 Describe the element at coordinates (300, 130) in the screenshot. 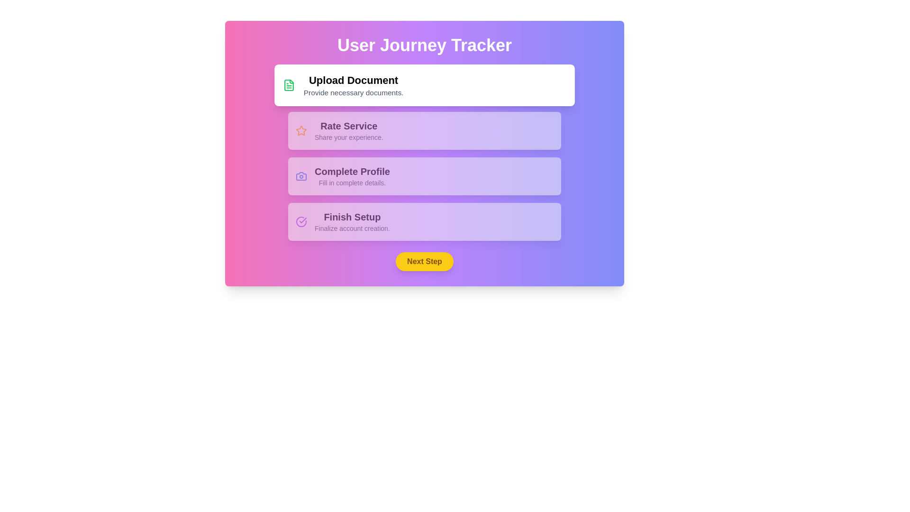

I see `the star icon located in the 'Rate Service' box, positioned towards the left side adjacent to the service description` at that location.